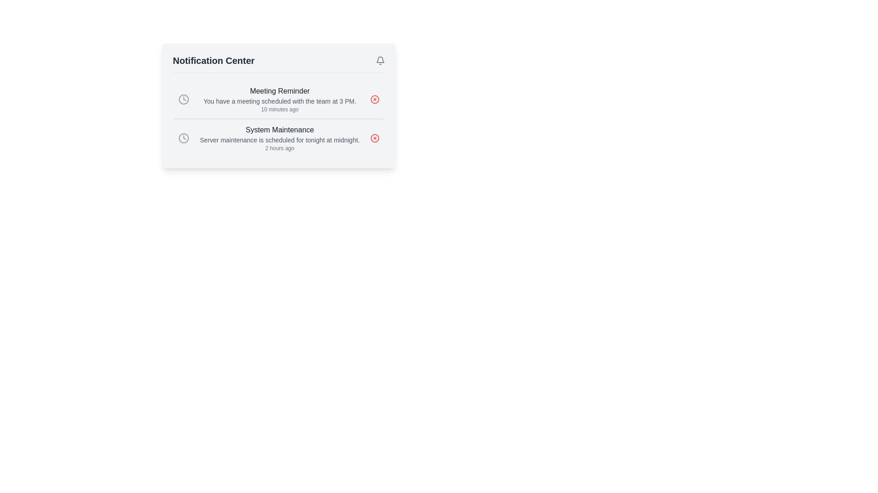 This screenshot has width=878, height=493. Describe the element at coordinates (183, 100) in the screenshot. I see `the SVG circle element resembling a clock's outline, which is styled with a gray stroke and located to the left of the 'Server Maintenance' notification in the Notification Center` at that location.